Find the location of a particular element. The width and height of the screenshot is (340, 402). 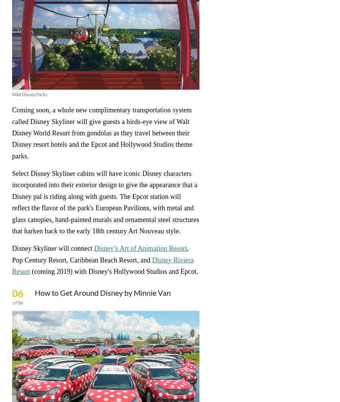

'06' is located at coordinates (17, 293).